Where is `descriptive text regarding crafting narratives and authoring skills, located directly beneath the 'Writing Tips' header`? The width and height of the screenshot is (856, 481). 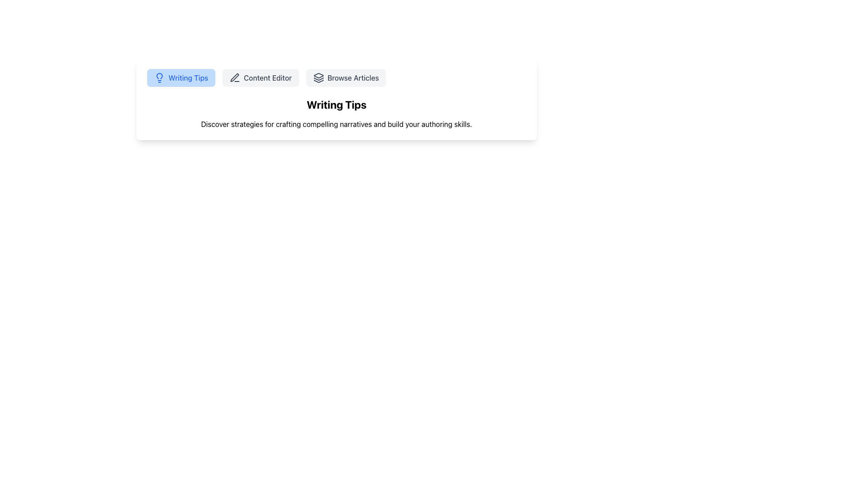
descriptive text regarding crafting narratives and authoring skills, located directly beneath the 'Writing Tips' header is located at coordinates (336, 124).